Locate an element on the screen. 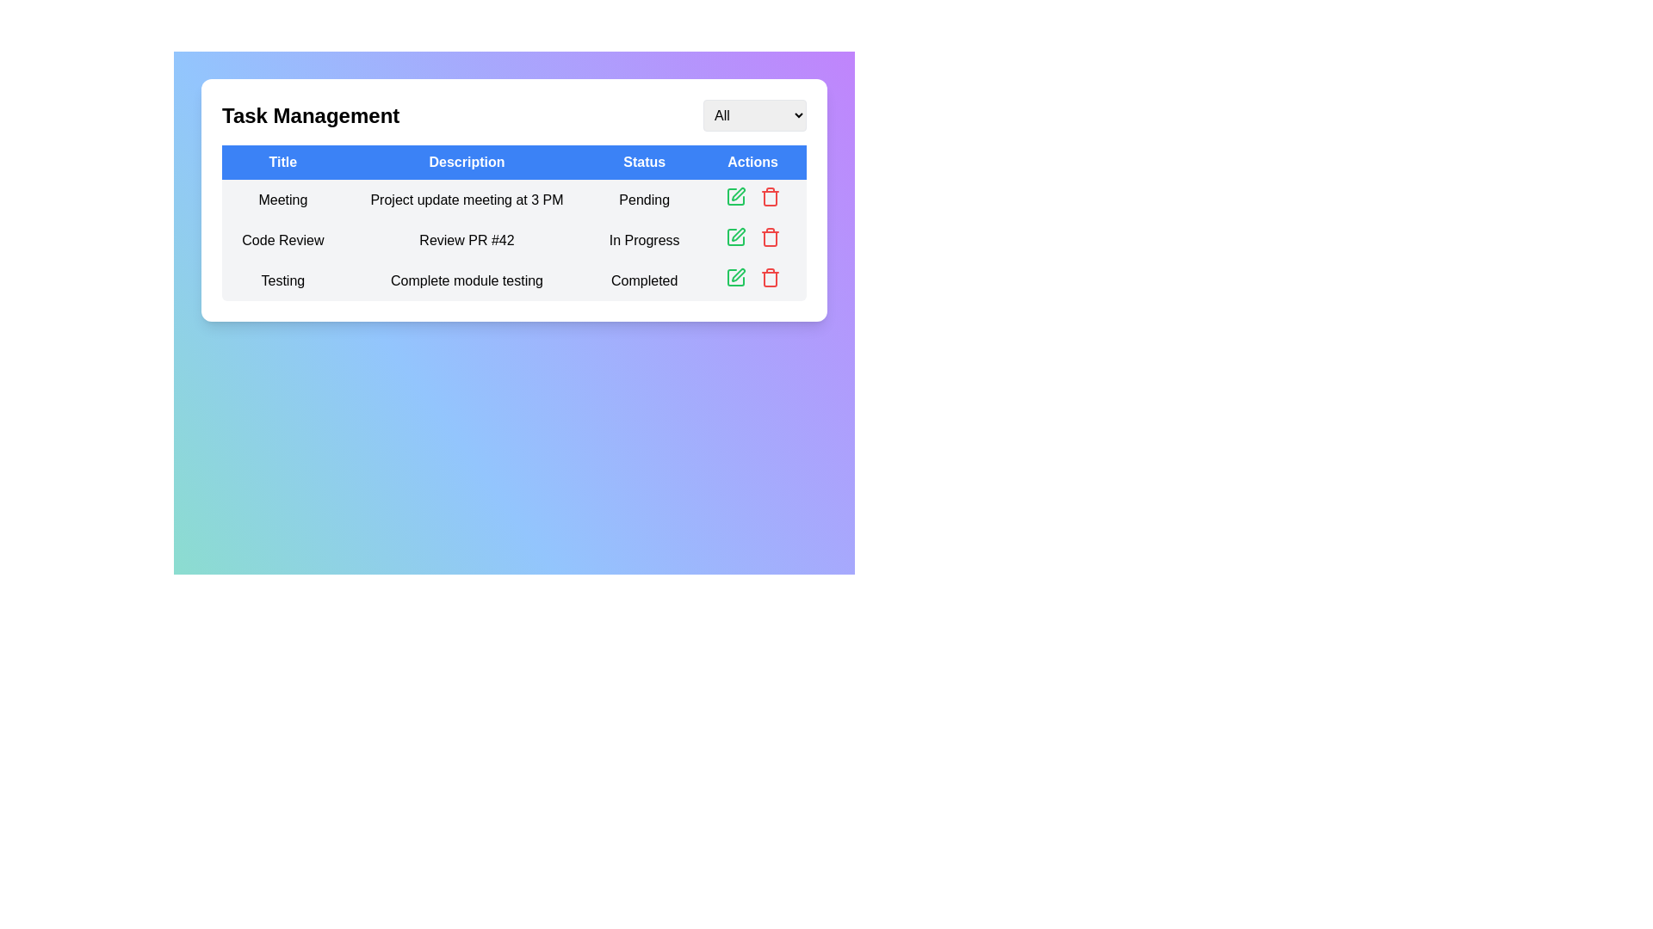 This screenshot has width=1653, height=929. the text label displaying 'Testing' in the first column of the table under the title 'Title' is located at coordinates (282, 280).